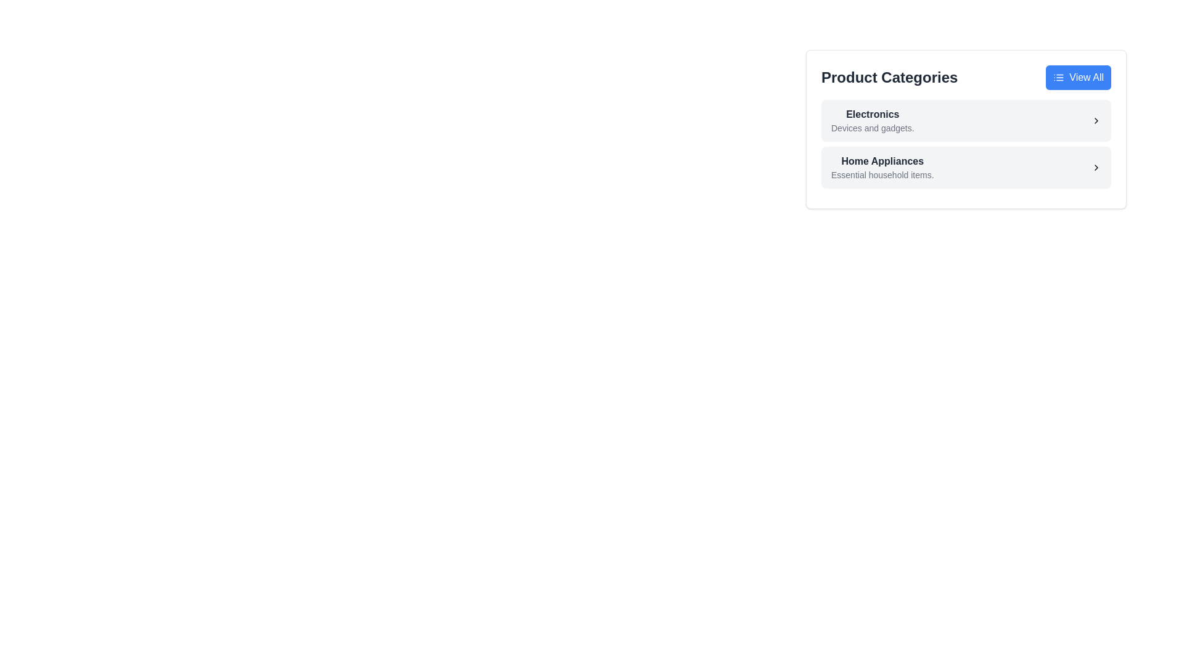 The width and height of the screenshot is (1184, 666). Describe the element at coordinates (872, 114) in the screenshot. I see `the clickable title text label for the 'Electronics' category, which is located at the top of the product categories list, above 'Home Appliances'` at that location.